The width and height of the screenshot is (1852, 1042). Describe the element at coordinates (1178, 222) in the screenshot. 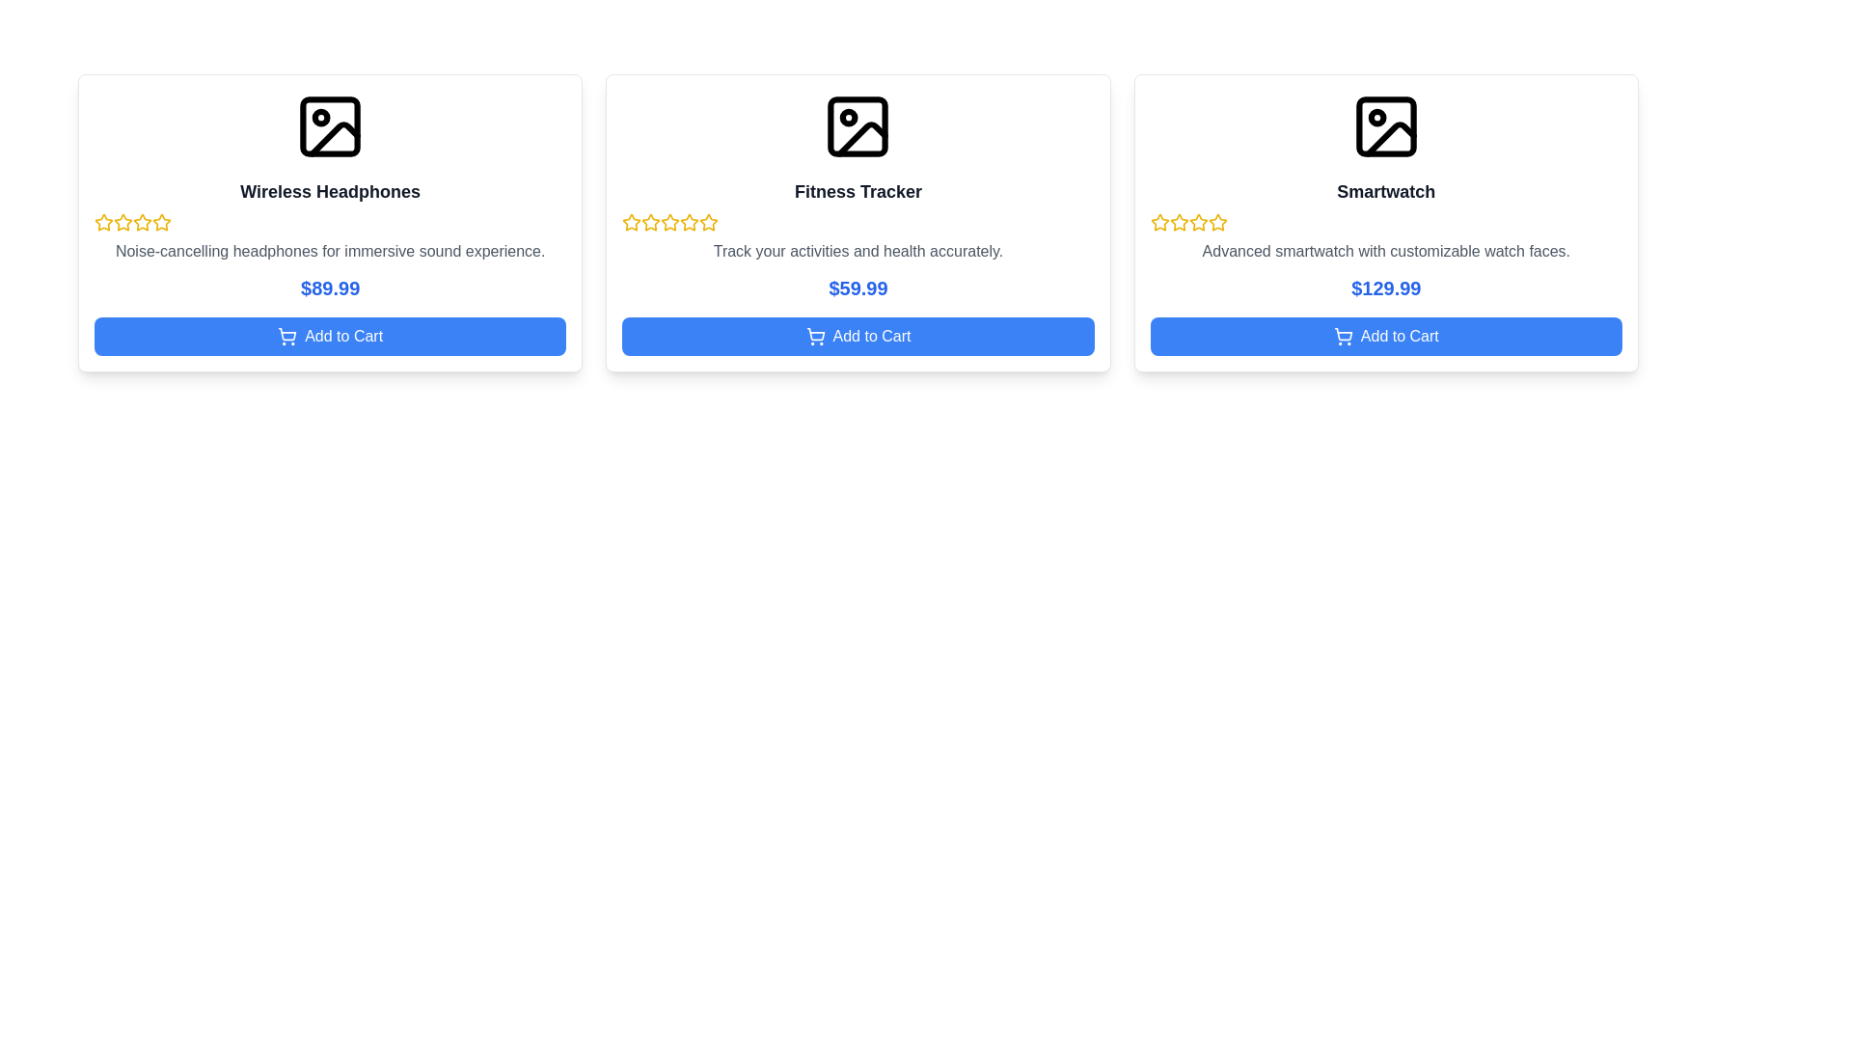

I see `the third yellow star icon in the rating panel of the 'Smartwatch' product card` at that location.